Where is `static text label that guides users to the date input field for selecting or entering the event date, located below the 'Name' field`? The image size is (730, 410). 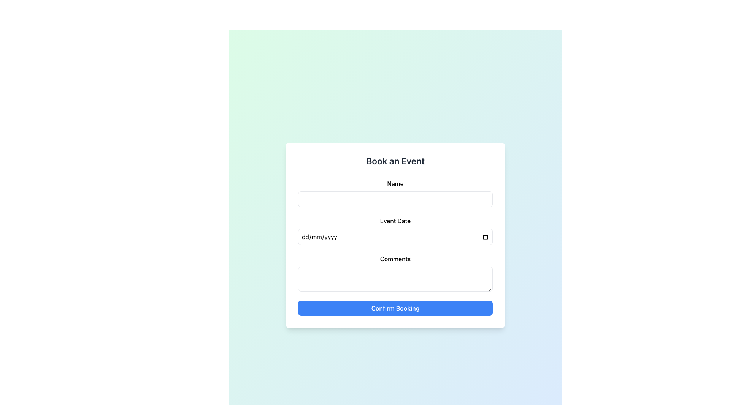
static text label that guides users to the date input field for selecting or entering the event date, located below the 'Name' field is located at coordinates (395, 221).